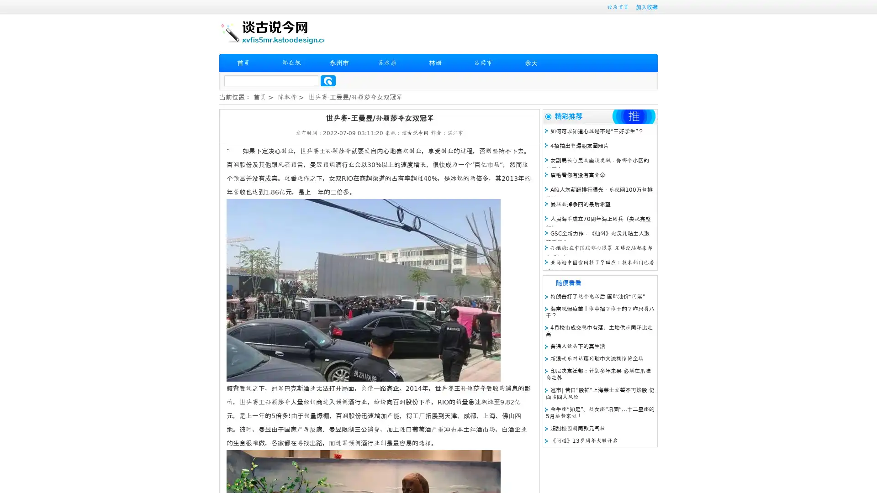 The height and width of the screenshot is (493, 877). Describe the element at coordinates (328, 80) in the screenshot. I see `Search` at that location.